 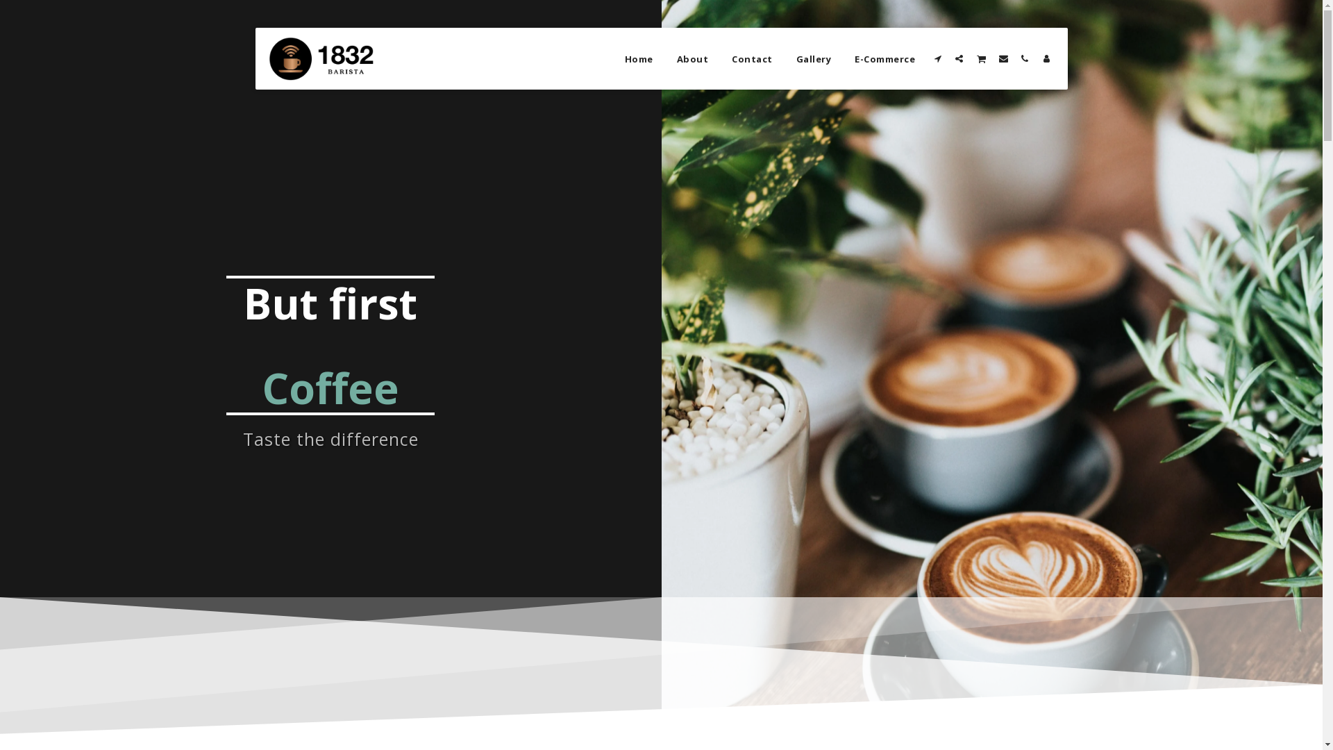 I want to click on ' ', so click(x=1003, y=58).